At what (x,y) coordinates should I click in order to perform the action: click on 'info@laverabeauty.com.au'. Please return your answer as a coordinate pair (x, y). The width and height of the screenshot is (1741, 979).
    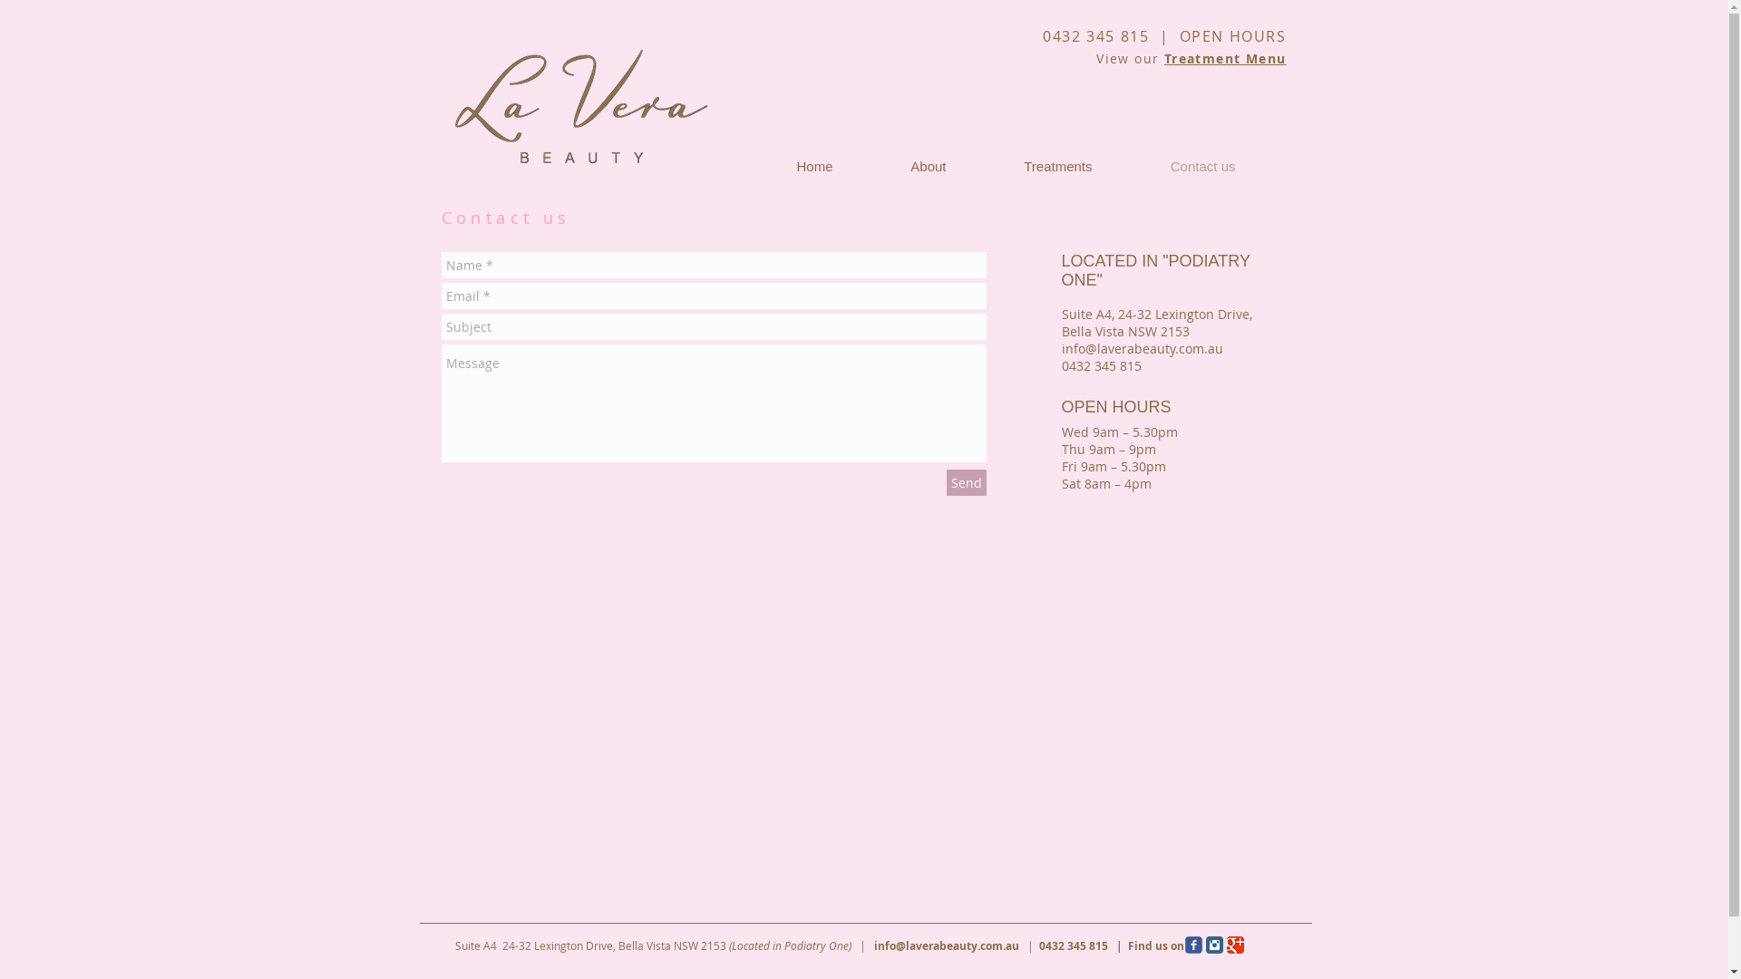
    Looking at the image, I should click on (945, 944).